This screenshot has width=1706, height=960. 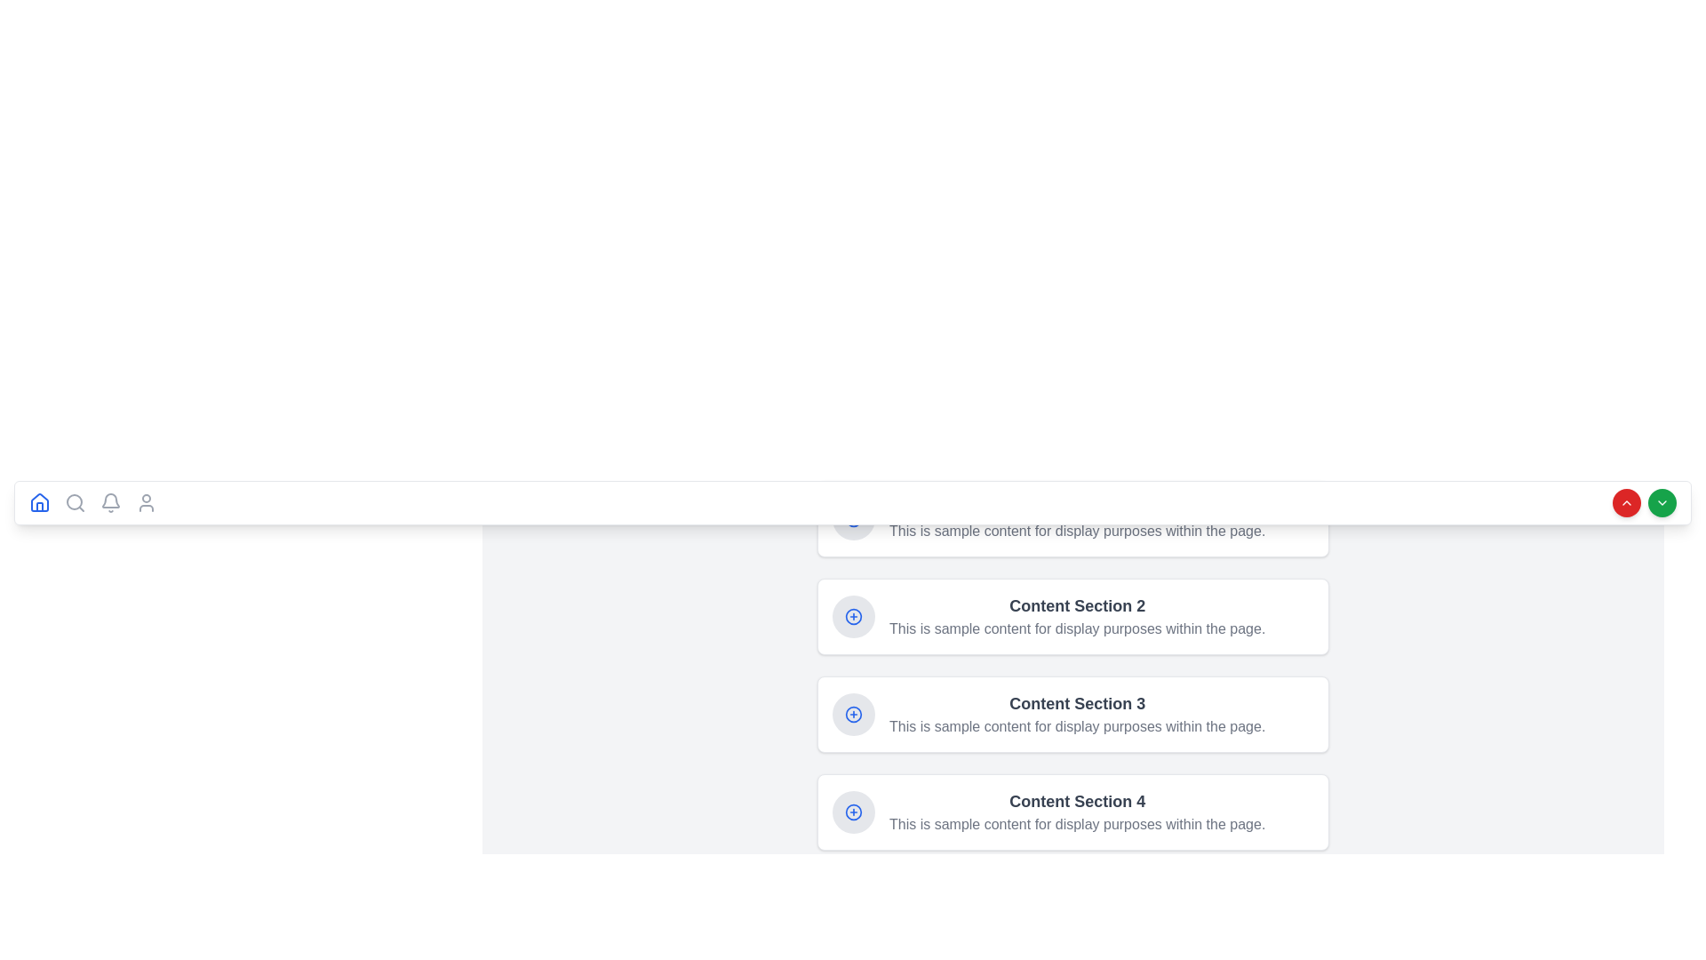 What do you see at coordinates (1076, 726) in the screenshot?
I see `the textual content label located directly below the title 'Content Section 3', which provides additional context for that section` at bounding box center [1076, 726].